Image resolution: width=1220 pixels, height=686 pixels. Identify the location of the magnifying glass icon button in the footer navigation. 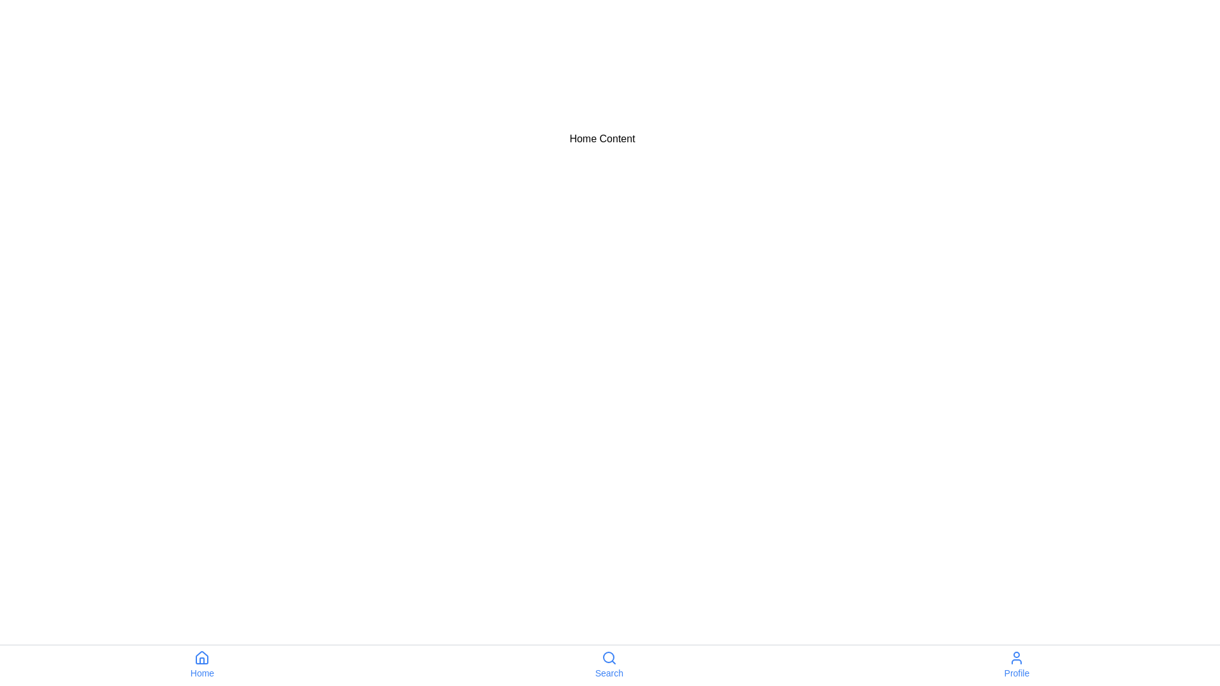
(608, 657).